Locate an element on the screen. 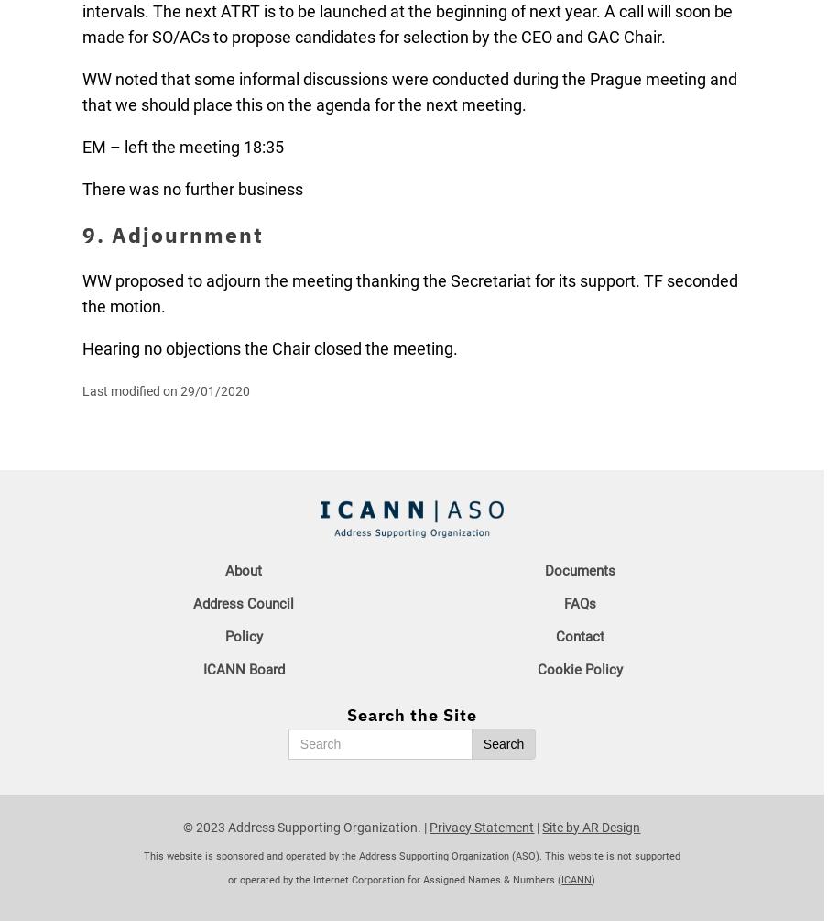 The image size is (838, 921). 'WW proposed to adjourn the meeting thanking the Secretariat for its support. TF seconded the motion.' is located at coordinates (409, 292).